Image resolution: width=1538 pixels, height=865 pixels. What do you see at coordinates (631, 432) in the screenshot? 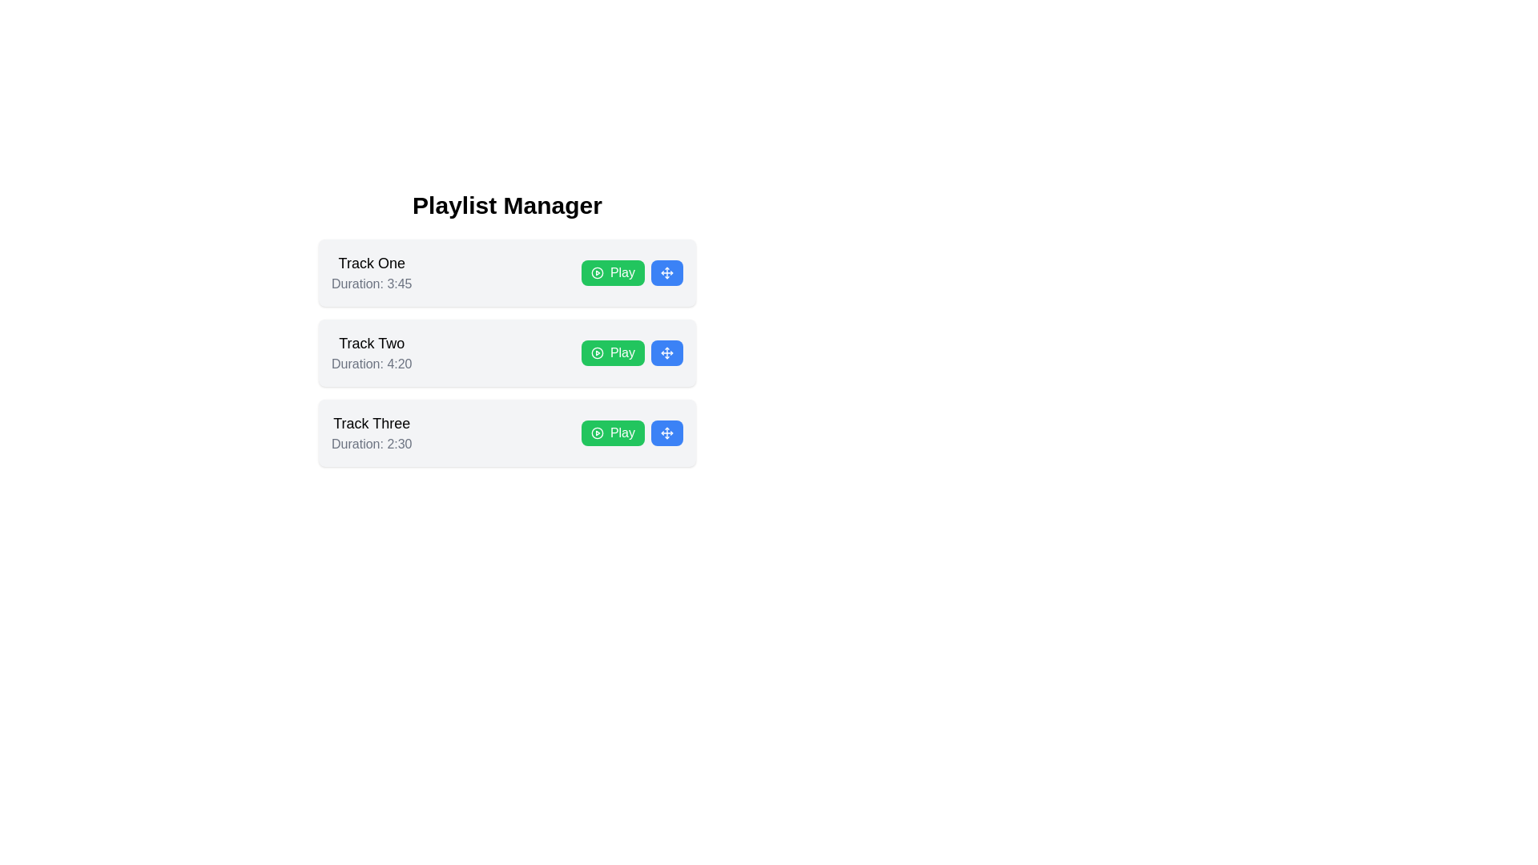
I see `the 'Play' button for 'Track Three'` at bounding box center [631, 432].